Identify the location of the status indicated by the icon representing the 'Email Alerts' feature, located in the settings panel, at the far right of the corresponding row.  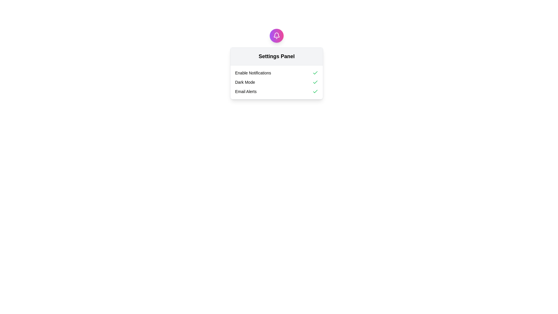
(315, 92).